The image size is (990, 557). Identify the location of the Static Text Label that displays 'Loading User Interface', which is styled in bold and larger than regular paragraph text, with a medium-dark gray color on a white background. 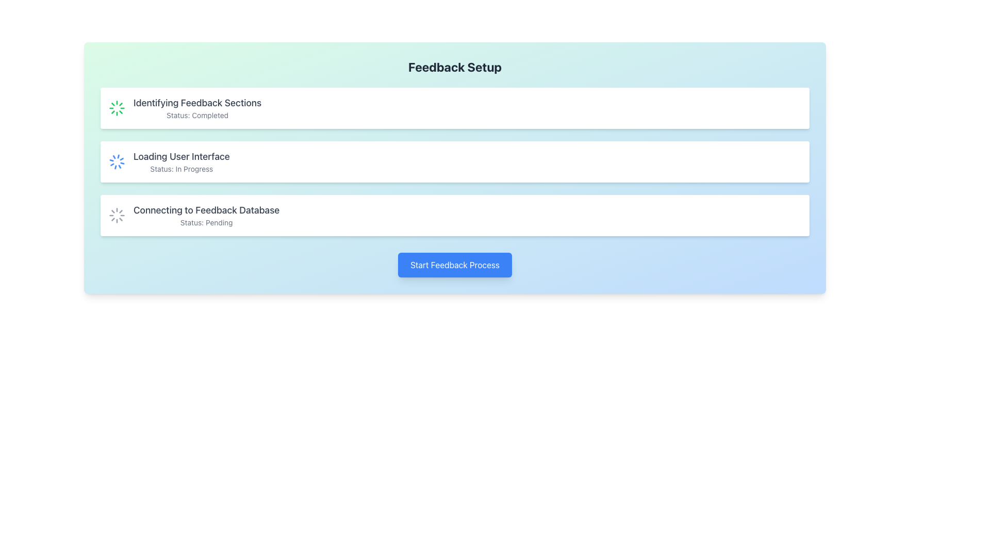
(181, 157).